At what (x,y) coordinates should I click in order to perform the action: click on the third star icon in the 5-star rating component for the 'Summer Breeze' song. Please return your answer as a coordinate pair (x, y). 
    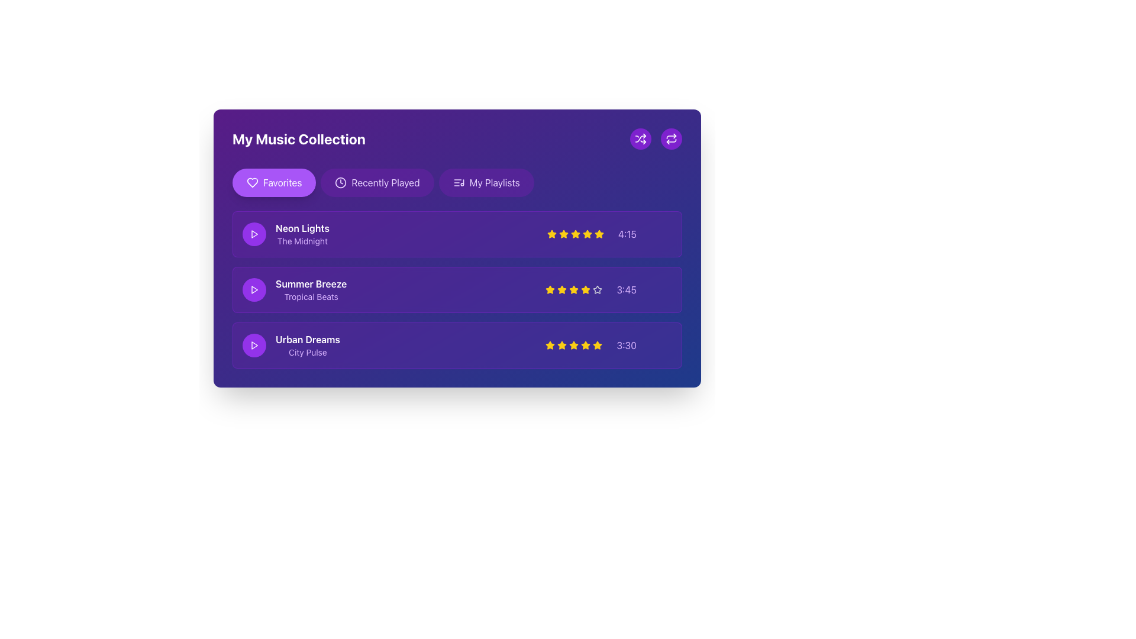
    Looking at the image, I should click on (574, 289).